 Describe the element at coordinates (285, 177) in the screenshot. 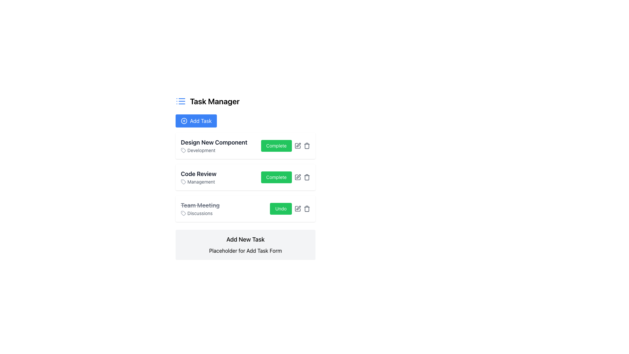

I see `the green 'Complete' button with white text to mark the 'Code Review' task as complete` at that location.